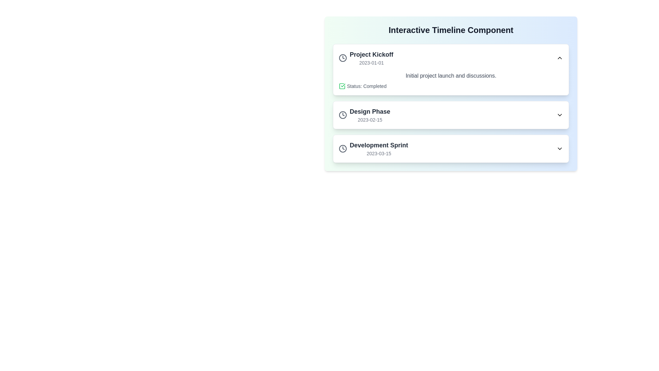 Image resolution: width=659 pixels, height=371 pixels. What do you see at coordinates (560, 58) in the screenshot?
I see `the small upward-facing black chevron icon located to the right of the text 'Project Kickoff'` at bounding box center [560, 58].